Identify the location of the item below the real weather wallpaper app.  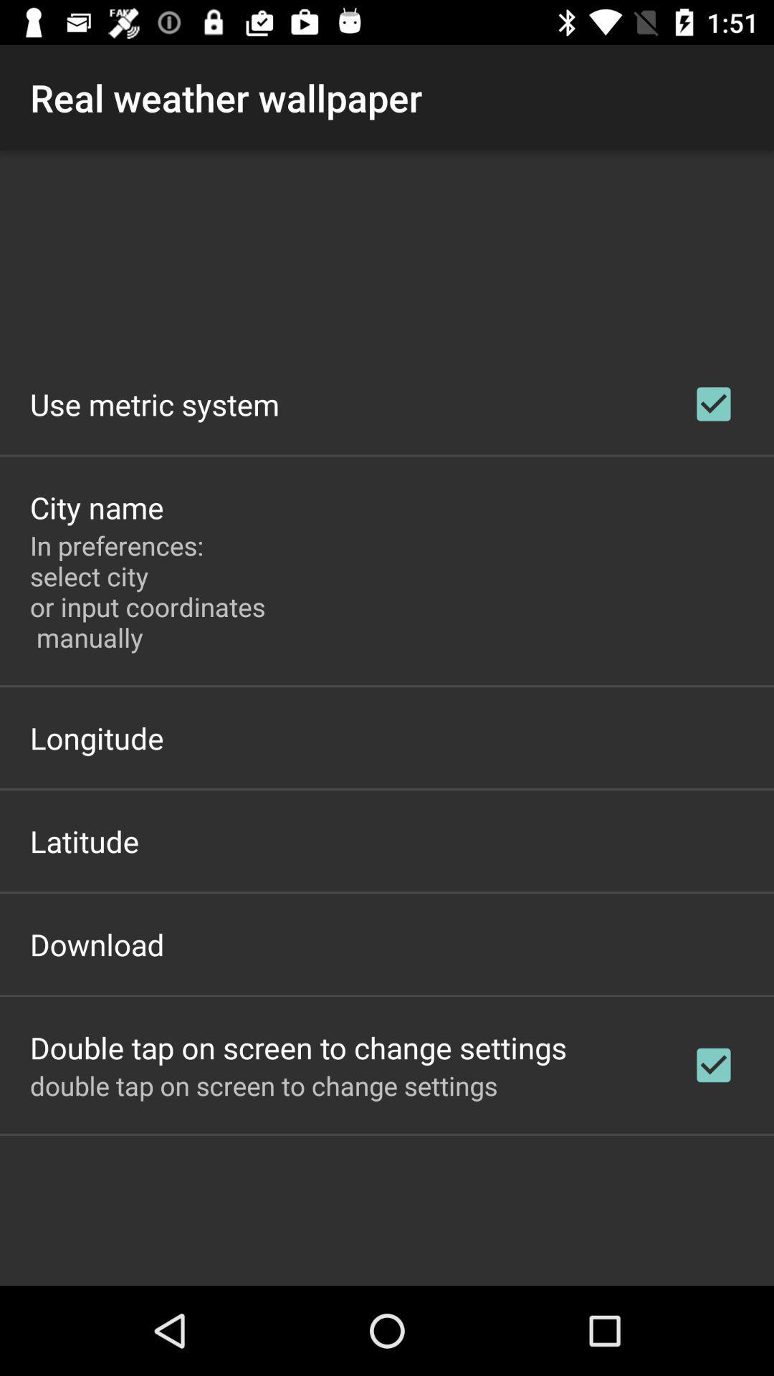
(155, 403).